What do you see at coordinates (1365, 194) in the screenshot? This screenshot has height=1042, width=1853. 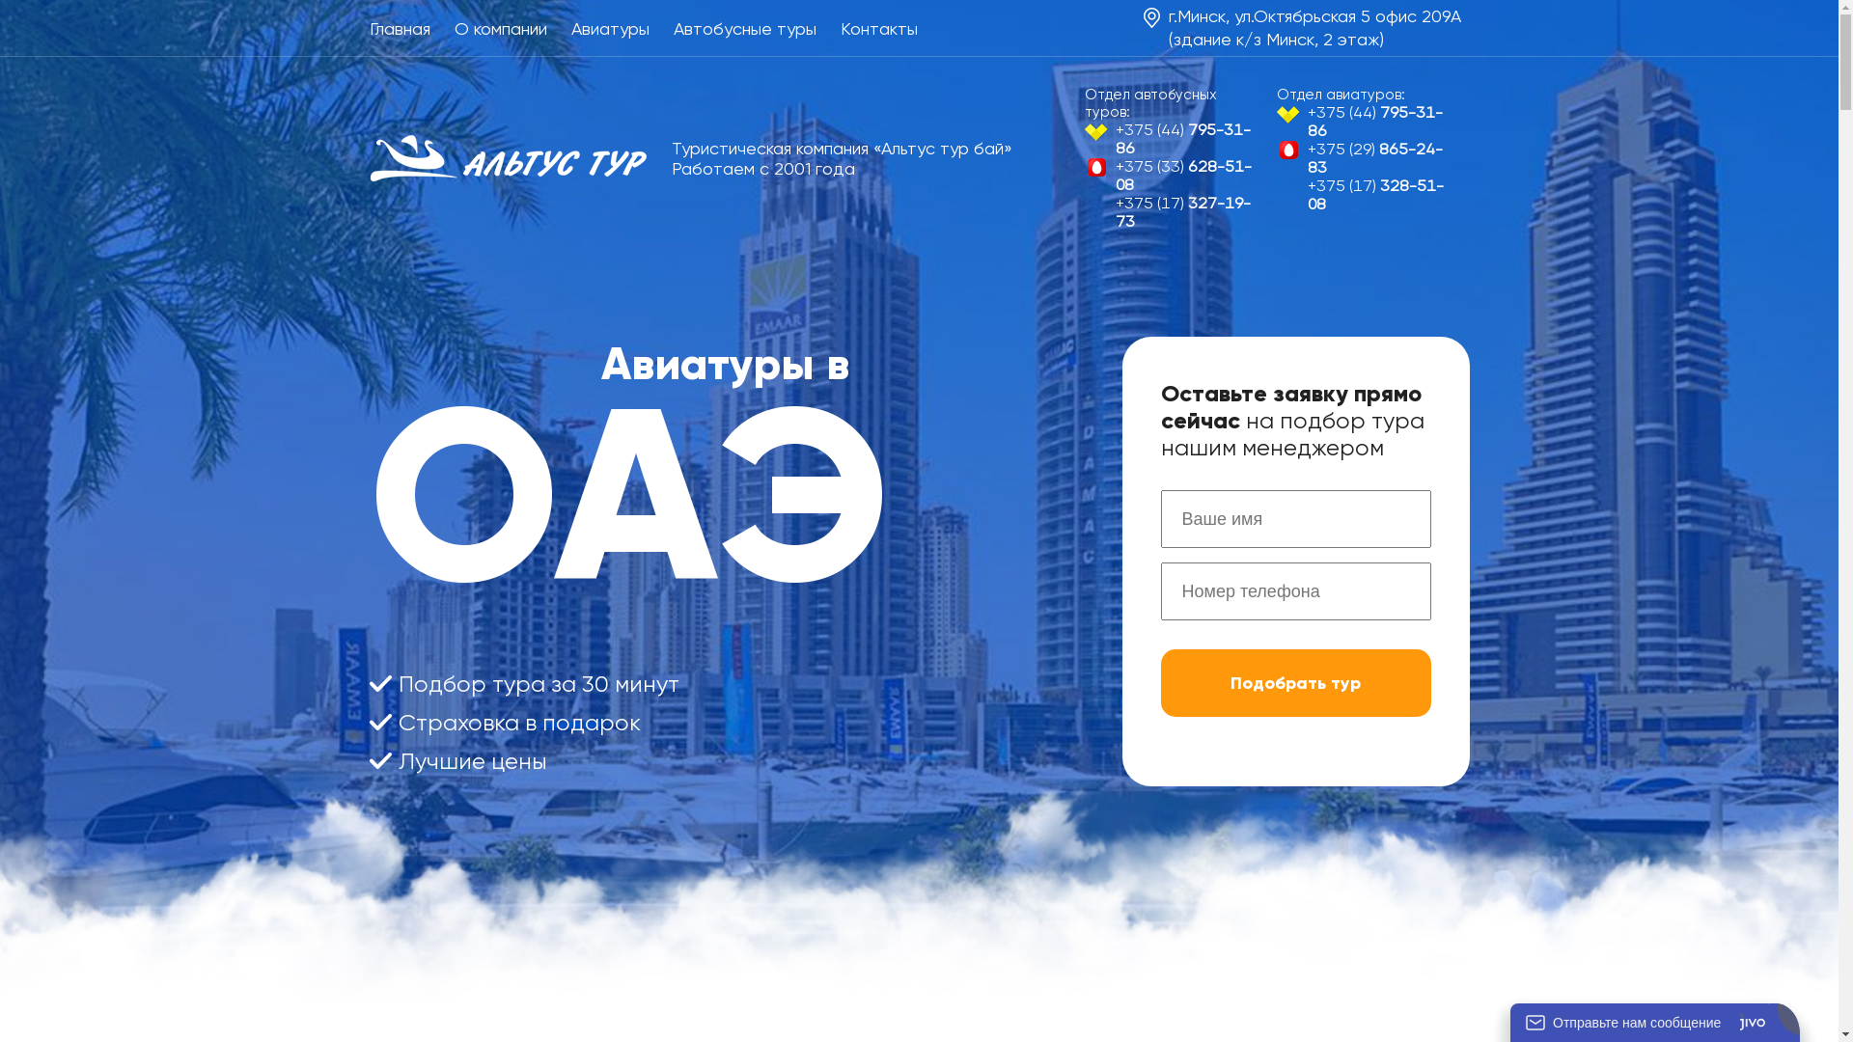 I see `'+375 (17) 328-51-08'` at bounding box center [1365, 194].